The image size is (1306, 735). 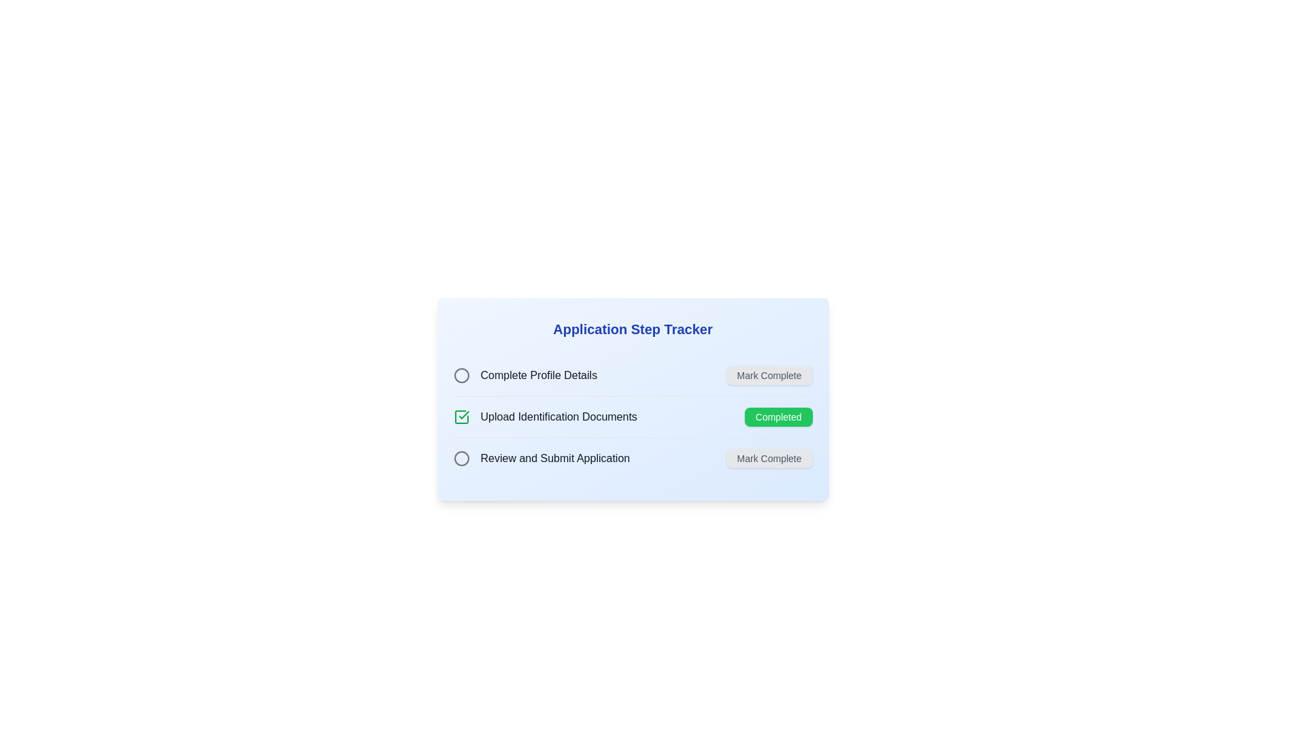 What do you see at coordinates (461, 459) in the screenshot?
I see `the circular gray outlined Indicator icon located at the beginning of the 'Review and Submit Application' row in the Application Step Tracker` at bounding box center [461, 459].